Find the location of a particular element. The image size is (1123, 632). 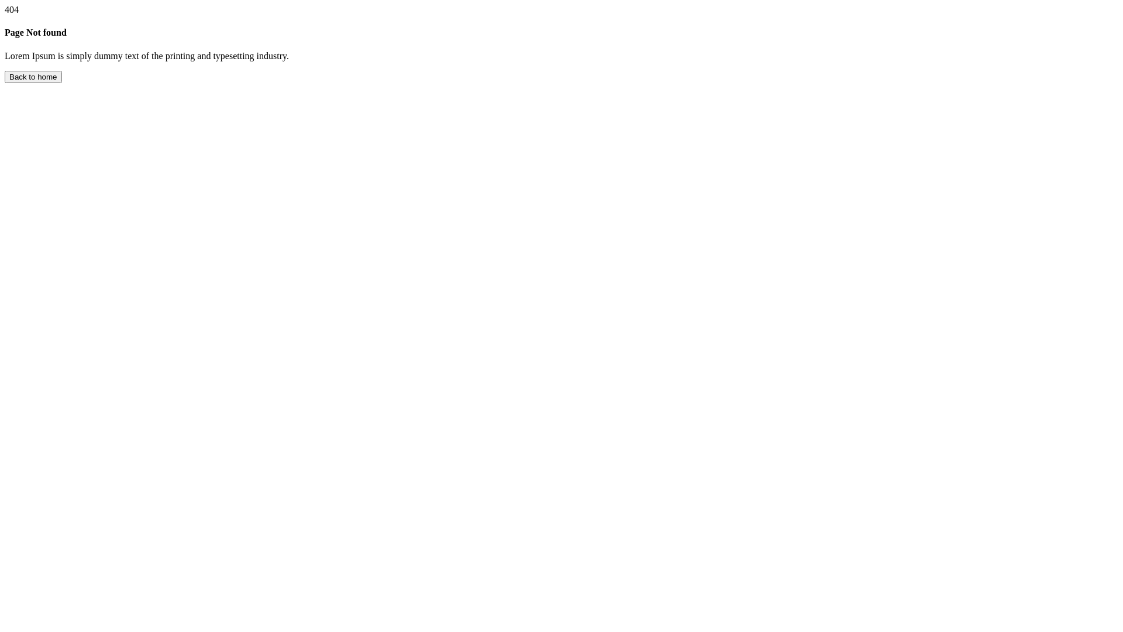

'Back to home' is located at coordinates (5, 77).